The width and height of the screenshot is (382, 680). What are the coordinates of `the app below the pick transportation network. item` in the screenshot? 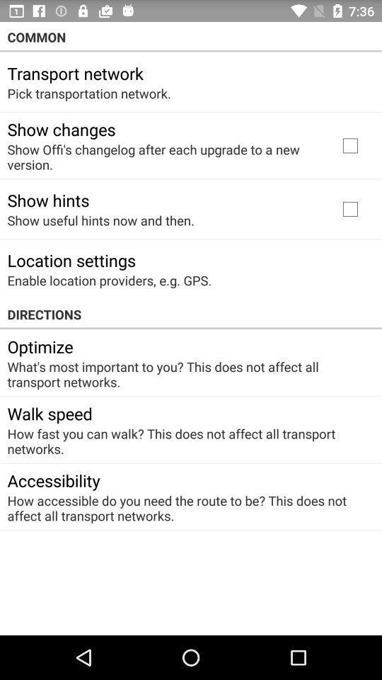 It's located at (60, 129).